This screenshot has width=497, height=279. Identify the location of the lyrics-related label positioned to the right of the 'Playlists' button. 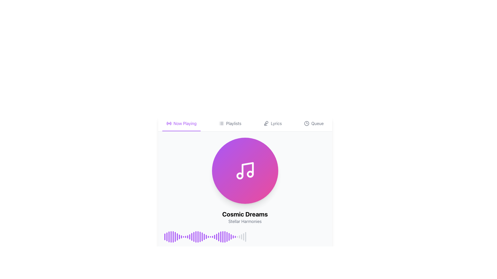
(276, 123).